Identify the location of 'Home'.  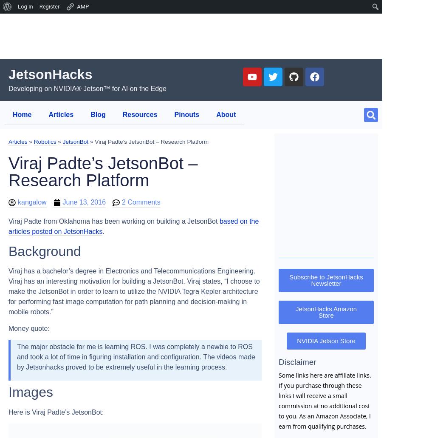
(22, 114).